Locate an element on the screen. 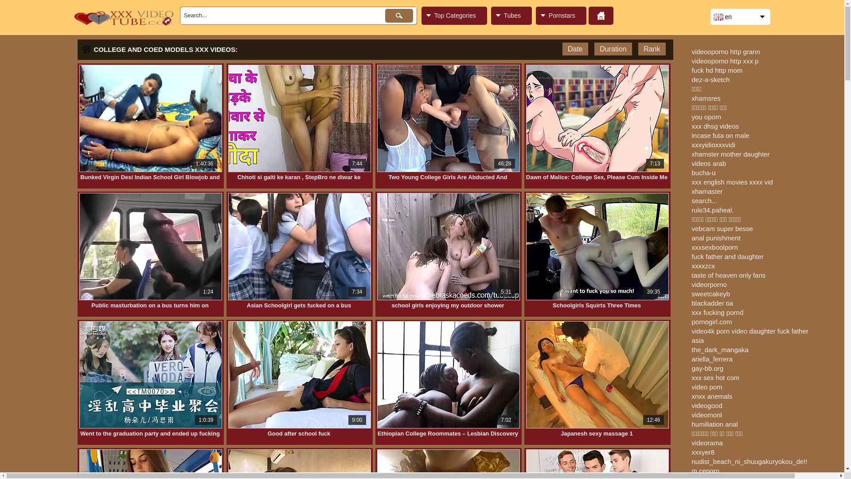 The width and height of the screenshot is (851, 479). 'rule34.paheal.' is located at coordinates (712, 210).